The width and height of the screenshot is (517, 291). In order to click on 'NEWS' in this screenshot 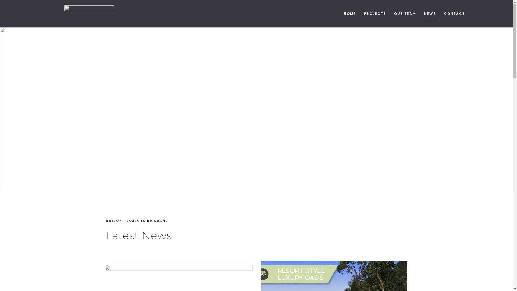, I will do `click(420, 13)`.